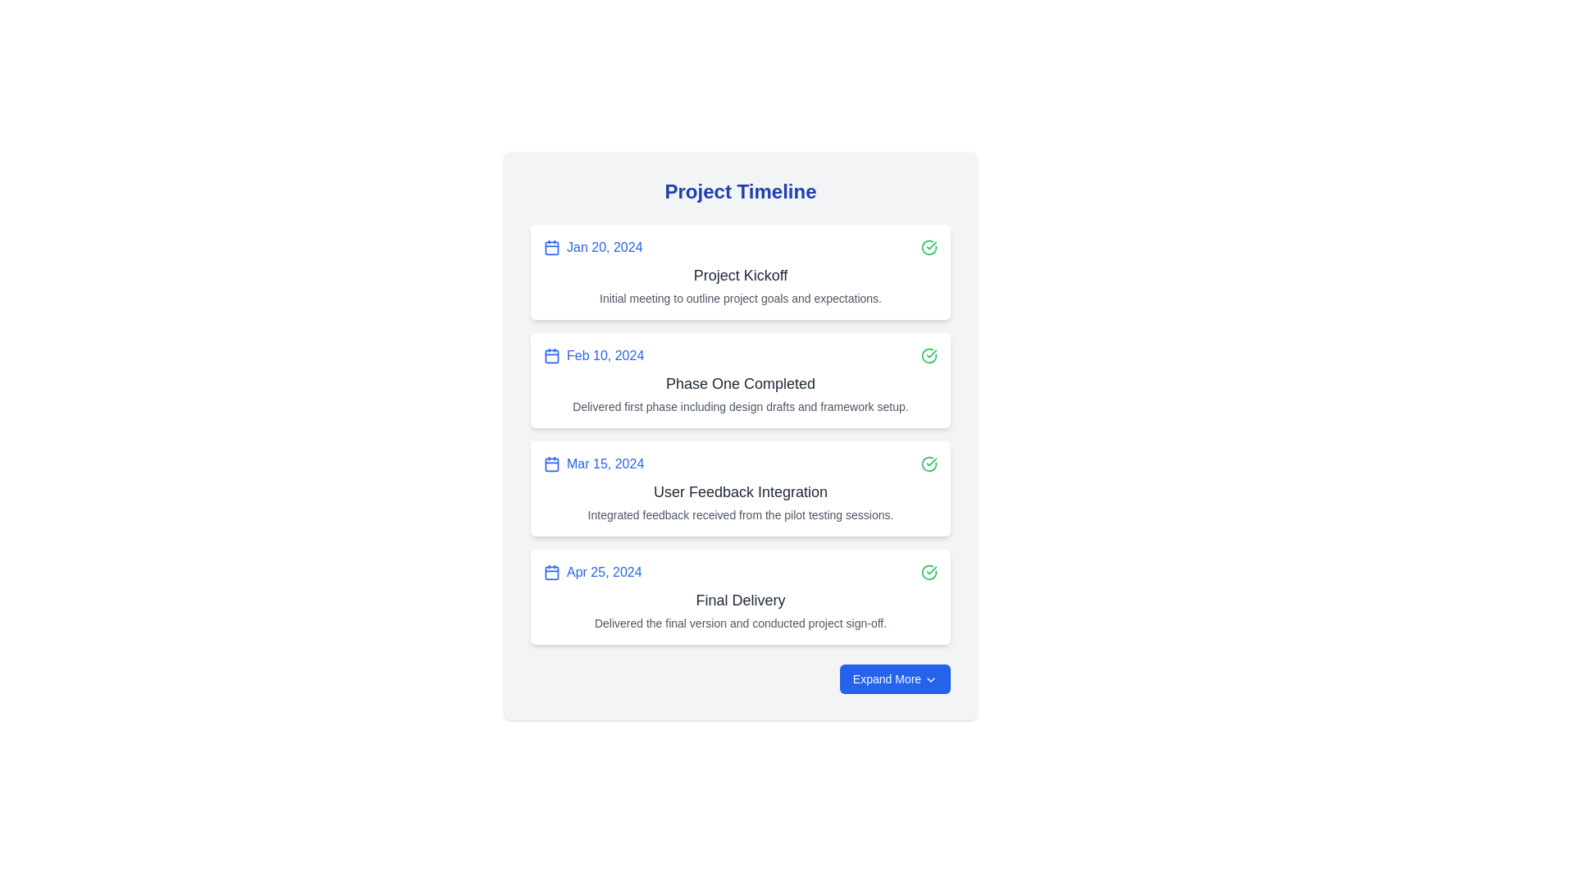 This screenshot has height=886, width=1575. Describe the element at coordinates (593, 464) in the screenshot. I see `text of the date label 'Mar 15, 2024', which is styled in blue and accompanied by a calendar icon to its left, located in the third row of the timeline interface` at that location.